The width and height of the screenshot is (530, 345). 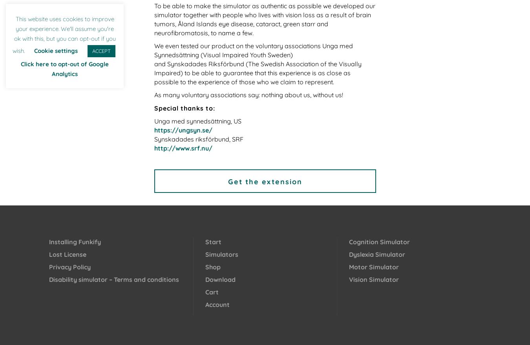 What do you see at coordinates (212, 267) in the screenshot?
I see `'Shop'` at bounding box center [212, 267].